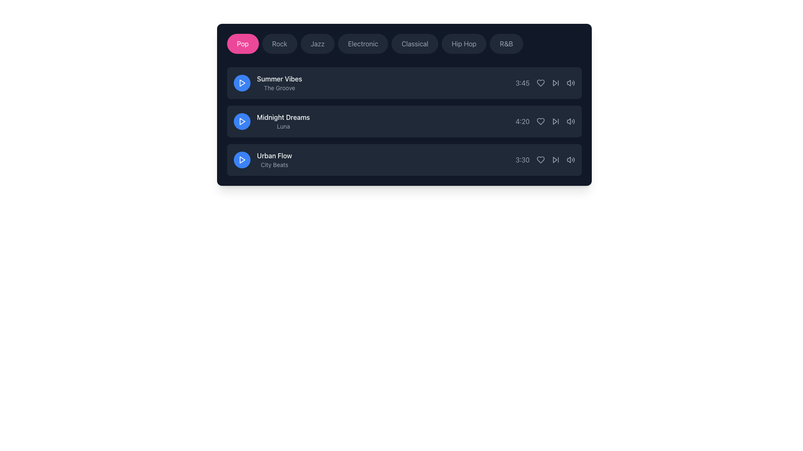 This screenshot has height=451, width=803. Describe the element at coordinates (279, 43) in the screenshot. I see `the 'Rock' music genre button, which is the second button from the left in a scrollable bar of genre buttons` at that location.